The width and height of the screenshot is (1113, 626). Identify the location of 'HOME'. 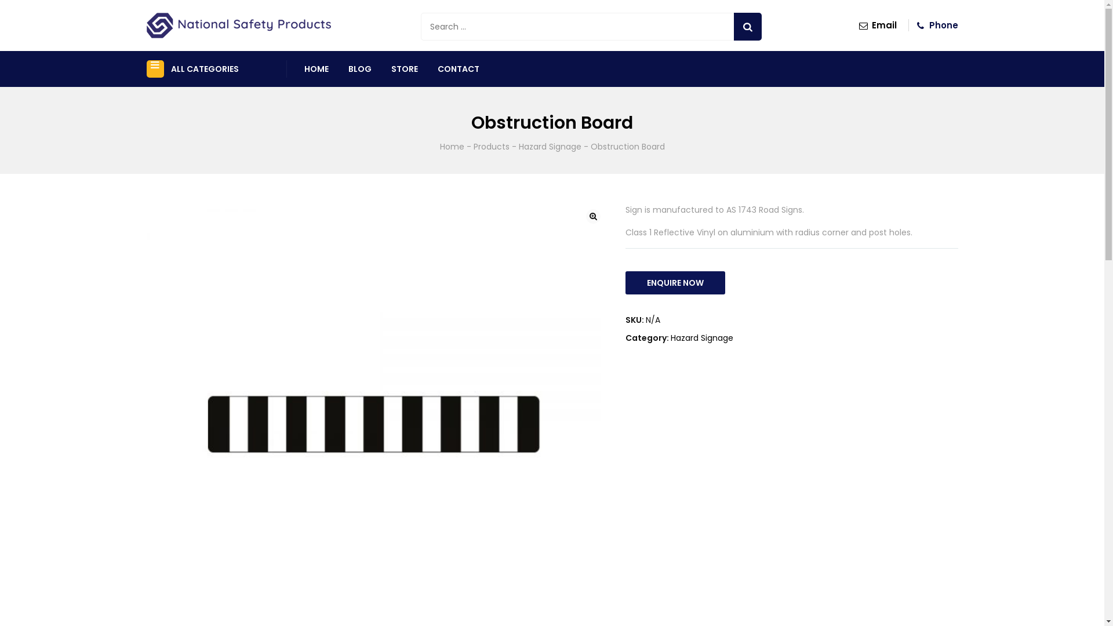
(317, 69).